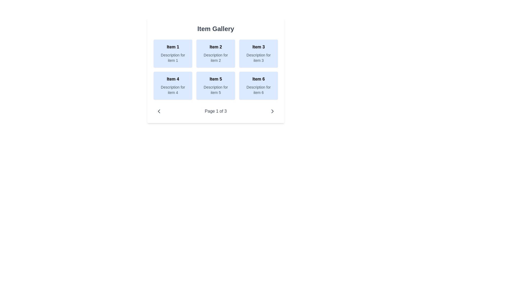 The image size is (514, 289). What do you see at coordinates (258, 89) in the screenshot?
I see `the descriptive text block for 'Item 6', located beneath its title in the third card of the second row within the gallery grid` at bounding box center [258, 89].